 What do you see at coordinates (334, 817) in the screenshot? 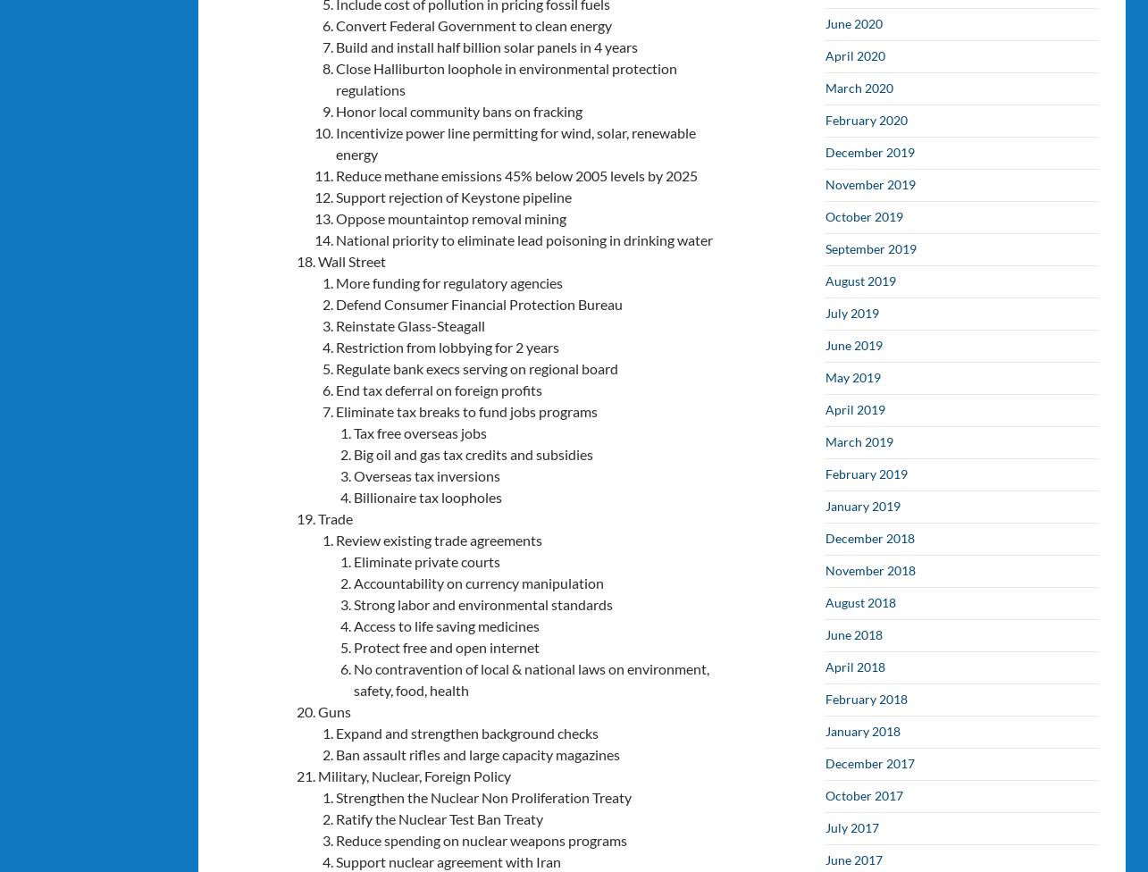
I see `'Ratify the Nuclear Test Ban Treaty'` at bounding box center [334, 817].